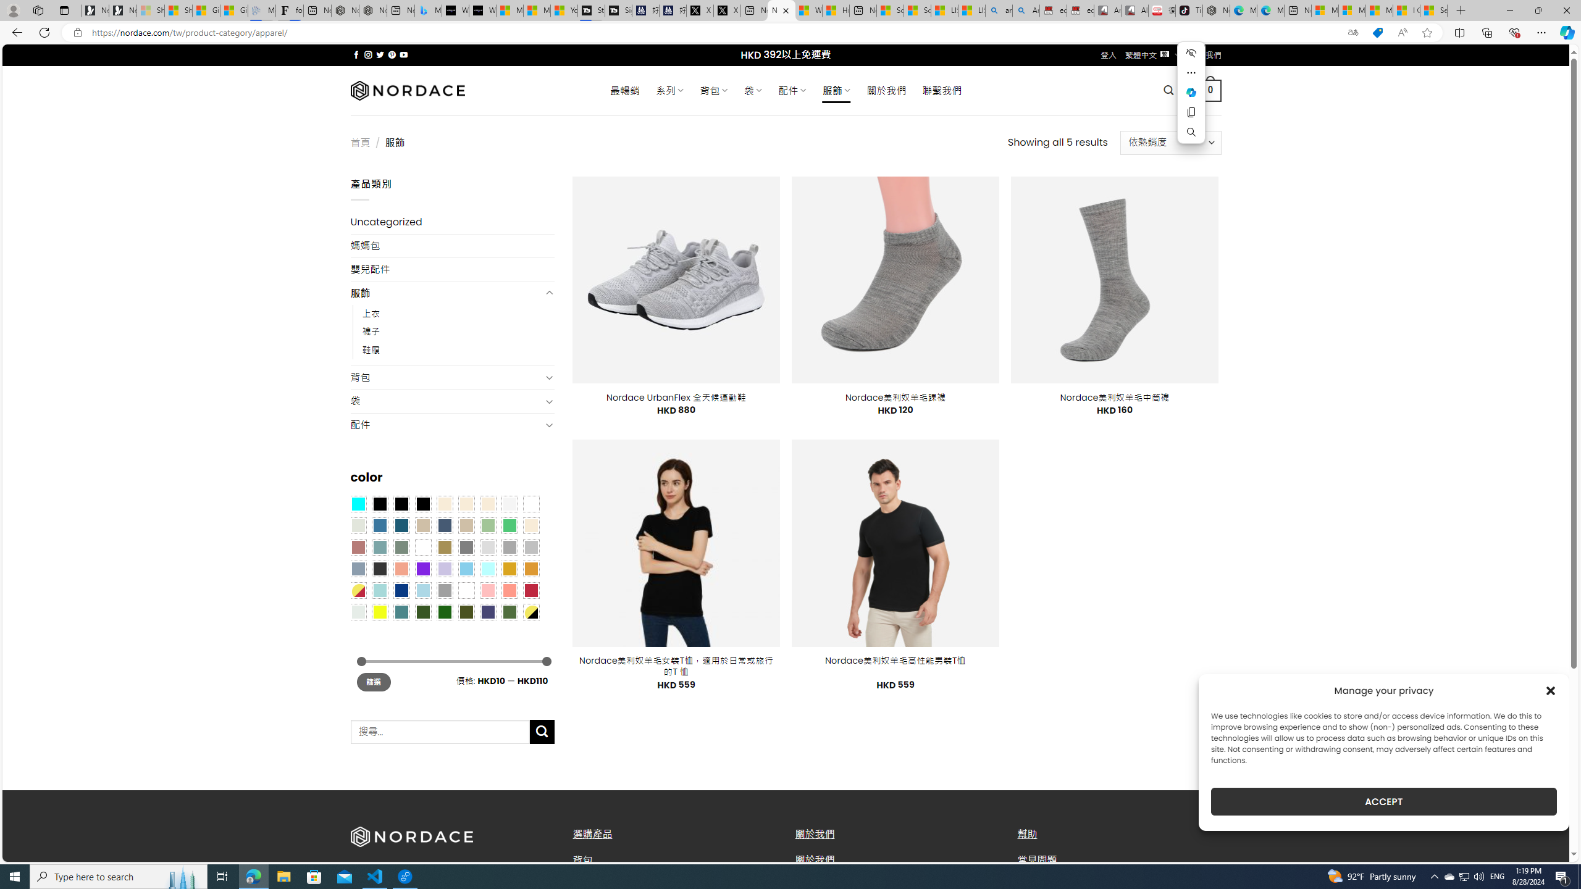  I want to click on 'Settings and more (Alt+F)', so click(1541, 31).